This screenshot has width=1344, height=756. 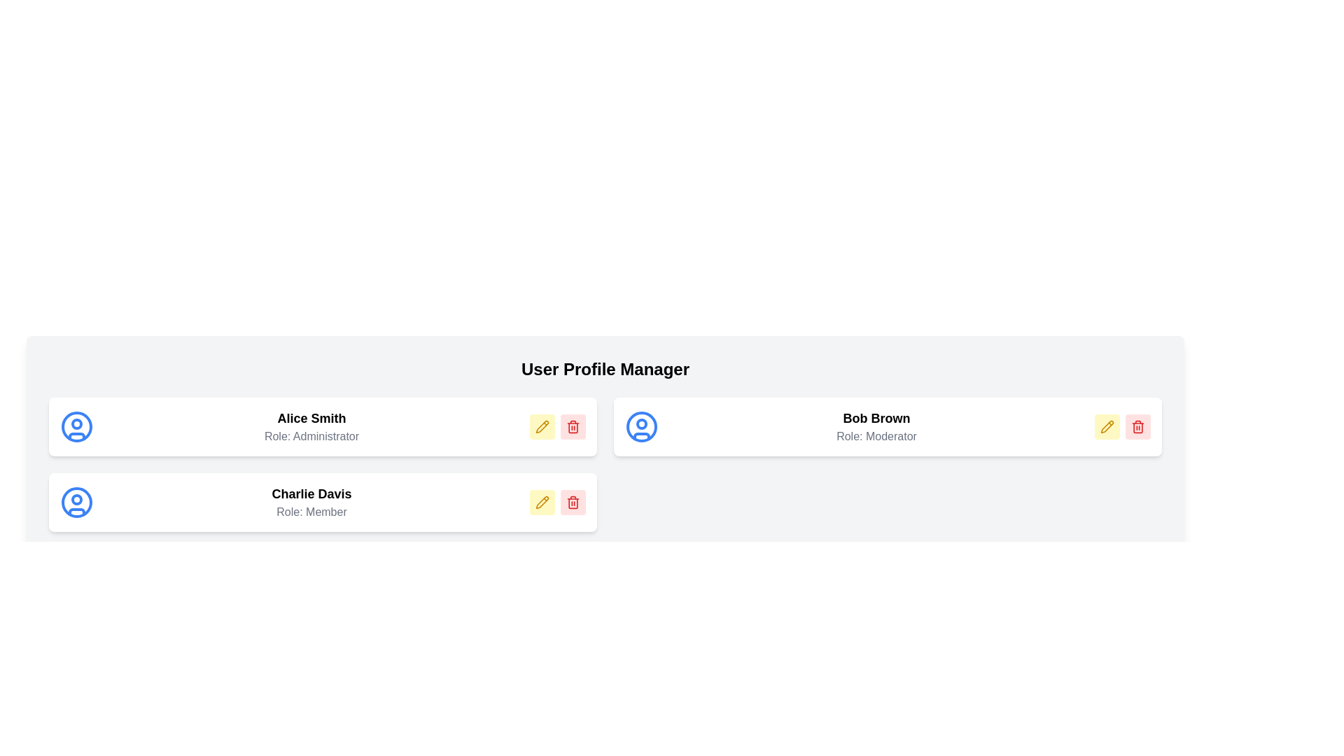 I want to click on the text label displaying the name 'Charlie Davis' within the profile card, which is located above the text 'Role: Member', so click(x=311, y=493).